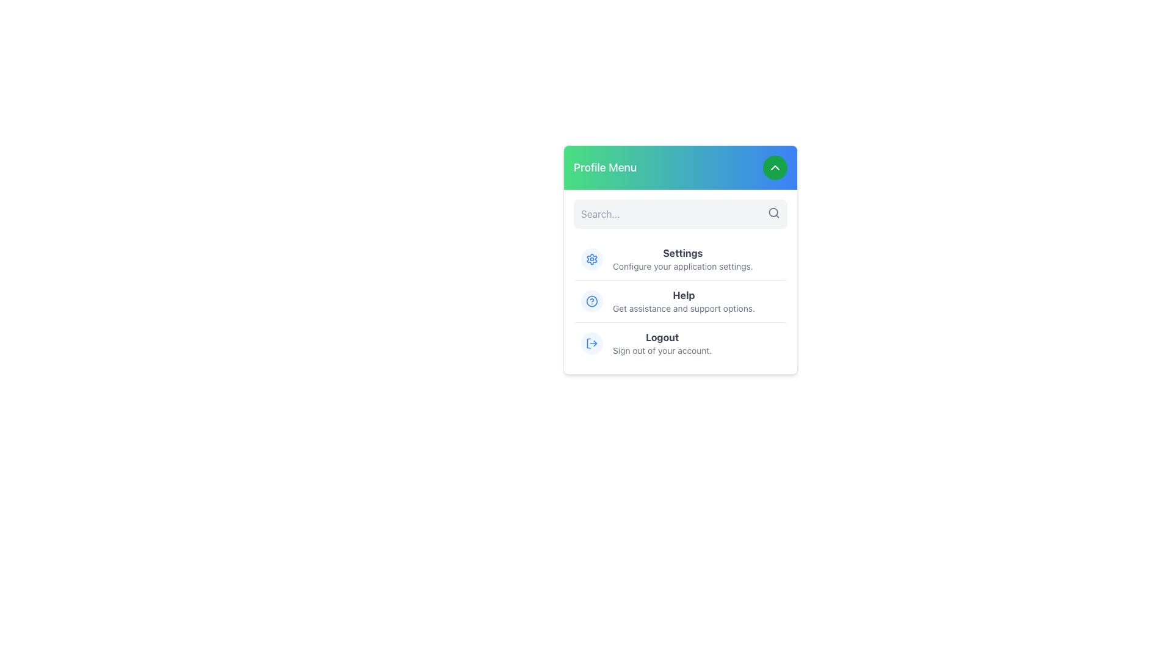 The height and width of the screenshot is (659, 1172). Describe the element at coordinates (662, 337) in the screenshot. I see `the 'Logout' text label in the 'Profile Menu' panel, which is the first item in the list and indicates the action to log out of the user's account` at that location.